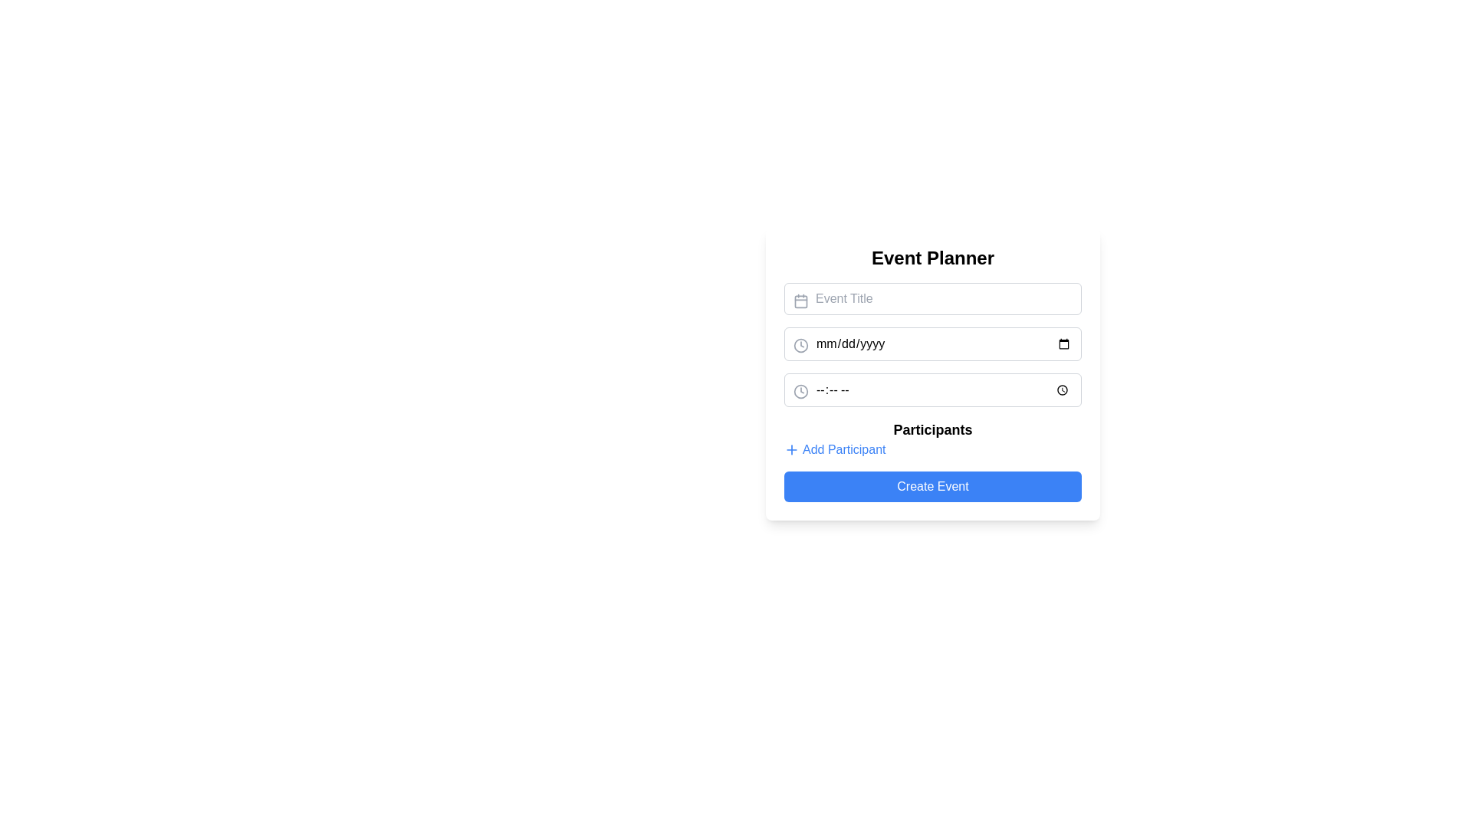 This screenshot has height=828, width=1472. What do you see at coordinates (800, 301) in the screenshot?
I see `the small gray calendar icon located at the top left corner of the 'Event Title' input field` at bounding box center [800, 301].